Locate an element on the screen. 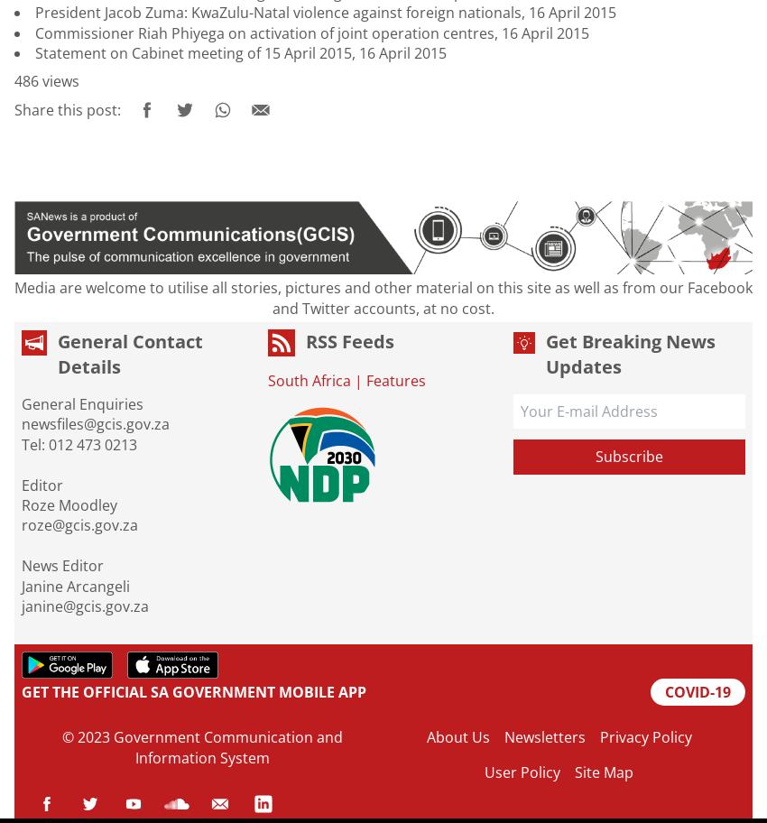 The height and width of the screenshot is (823, 767). 'Tel: 012 473 0213' is located at coordinates (78, 444).